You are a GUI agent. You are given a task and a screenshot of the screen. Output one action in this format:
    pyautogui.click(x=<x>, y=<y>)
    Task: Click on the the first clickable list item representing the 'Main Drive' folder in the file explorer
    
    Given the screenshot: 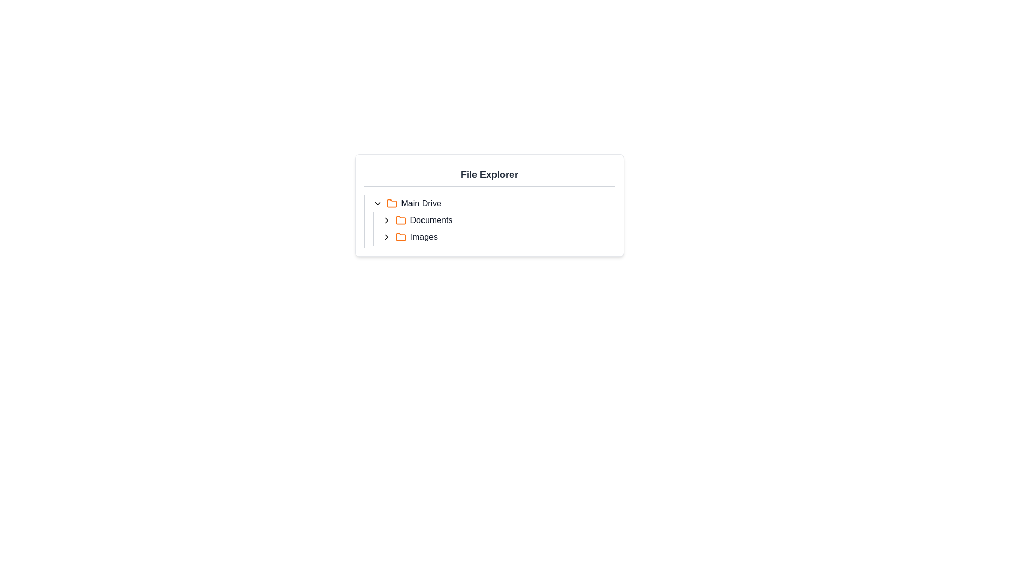 What is the action you would take?
    pyautogui.click(x=493, y=204)
    